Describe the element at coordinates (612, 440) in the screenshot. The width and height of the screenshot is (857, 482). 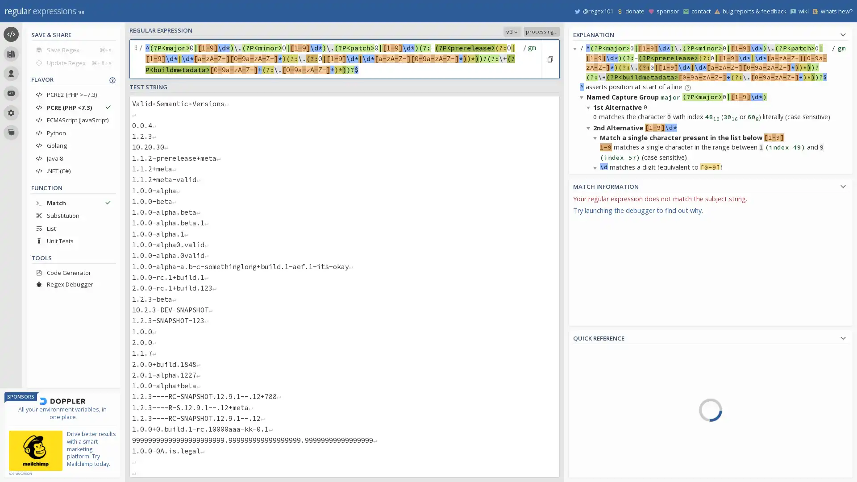
I see `Group major` at that location.